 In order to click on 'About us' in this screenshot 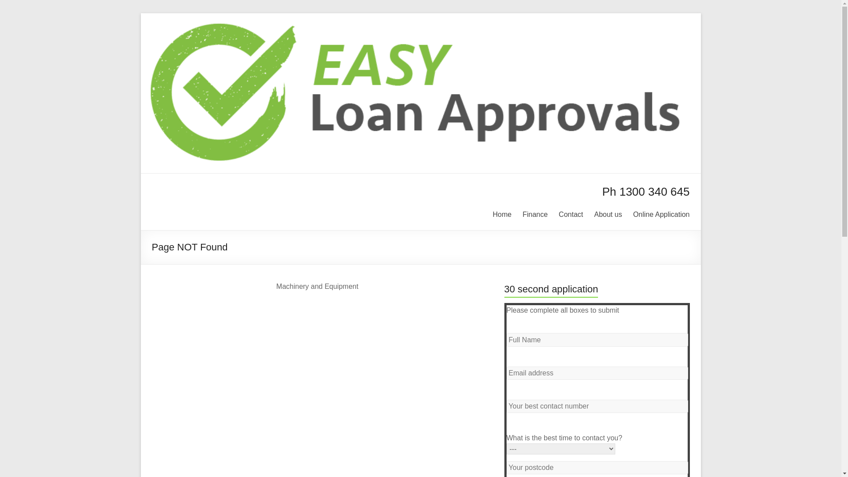, I will do `click(607, 213)`.